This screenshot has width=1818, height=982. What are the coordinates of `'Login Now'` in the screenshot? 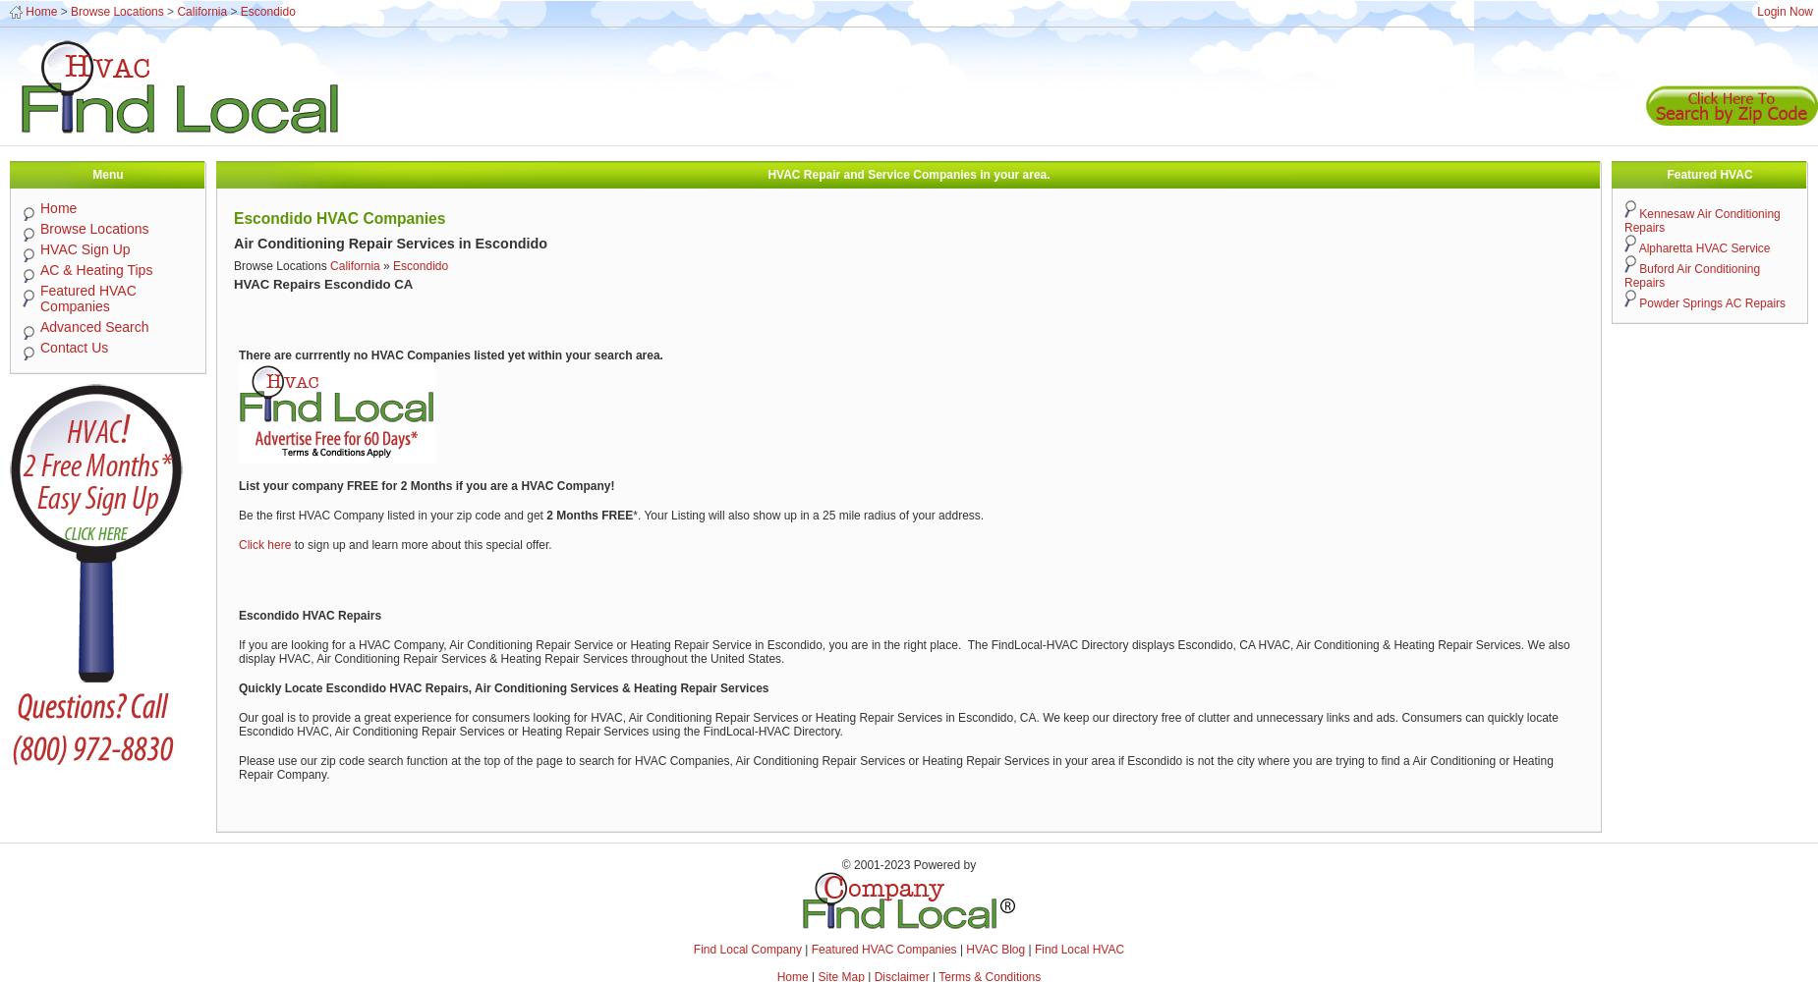 It's located at (1785, 12).